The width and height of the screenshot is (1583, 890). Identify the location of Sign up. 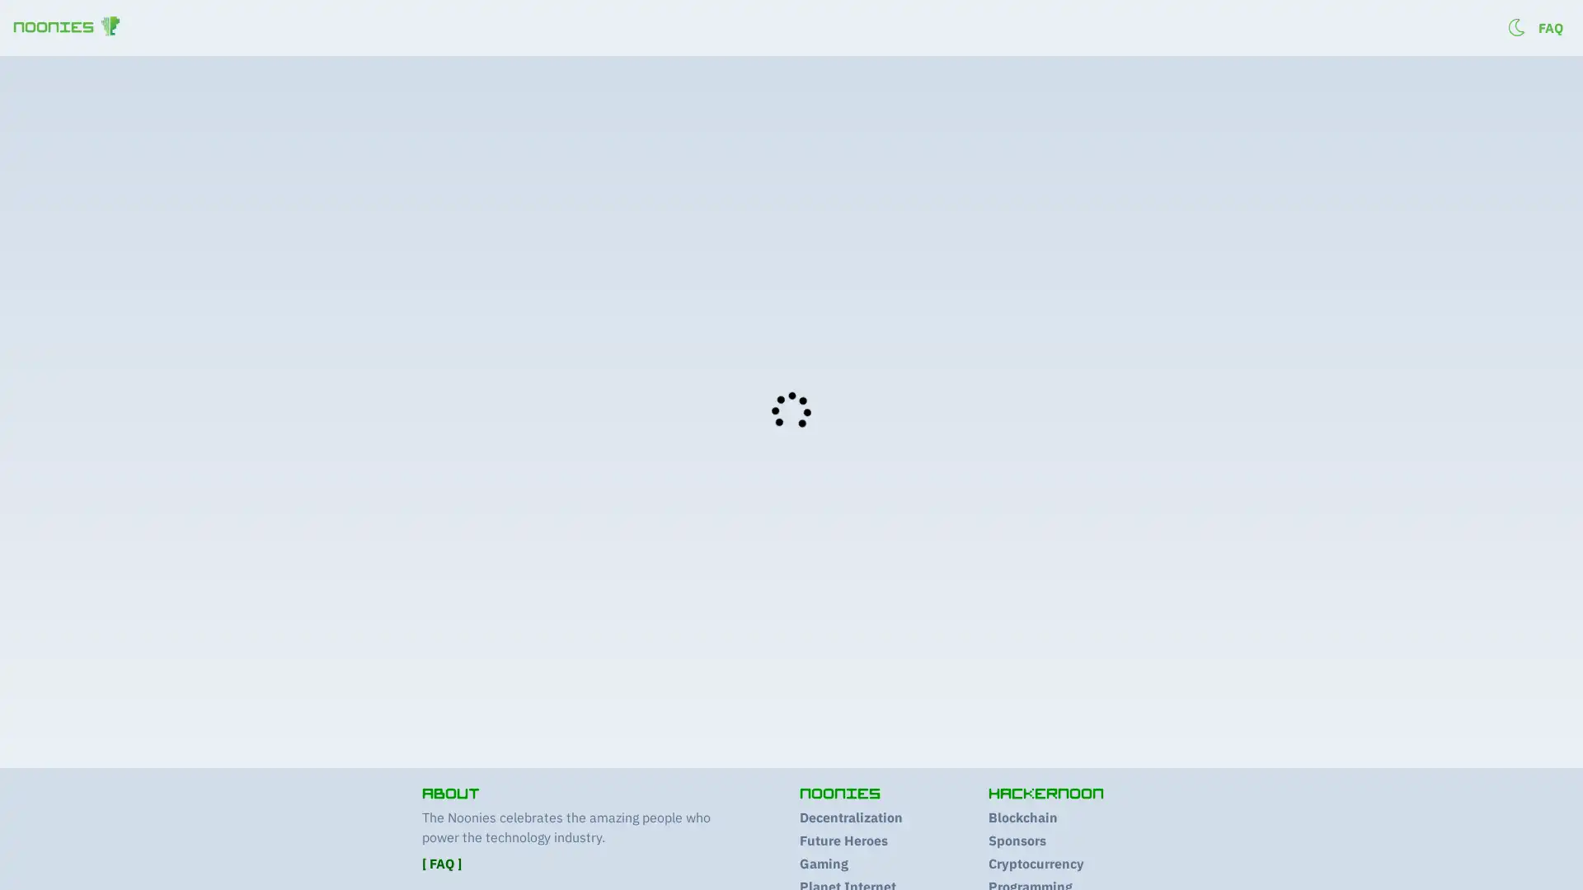
(1477, 29).